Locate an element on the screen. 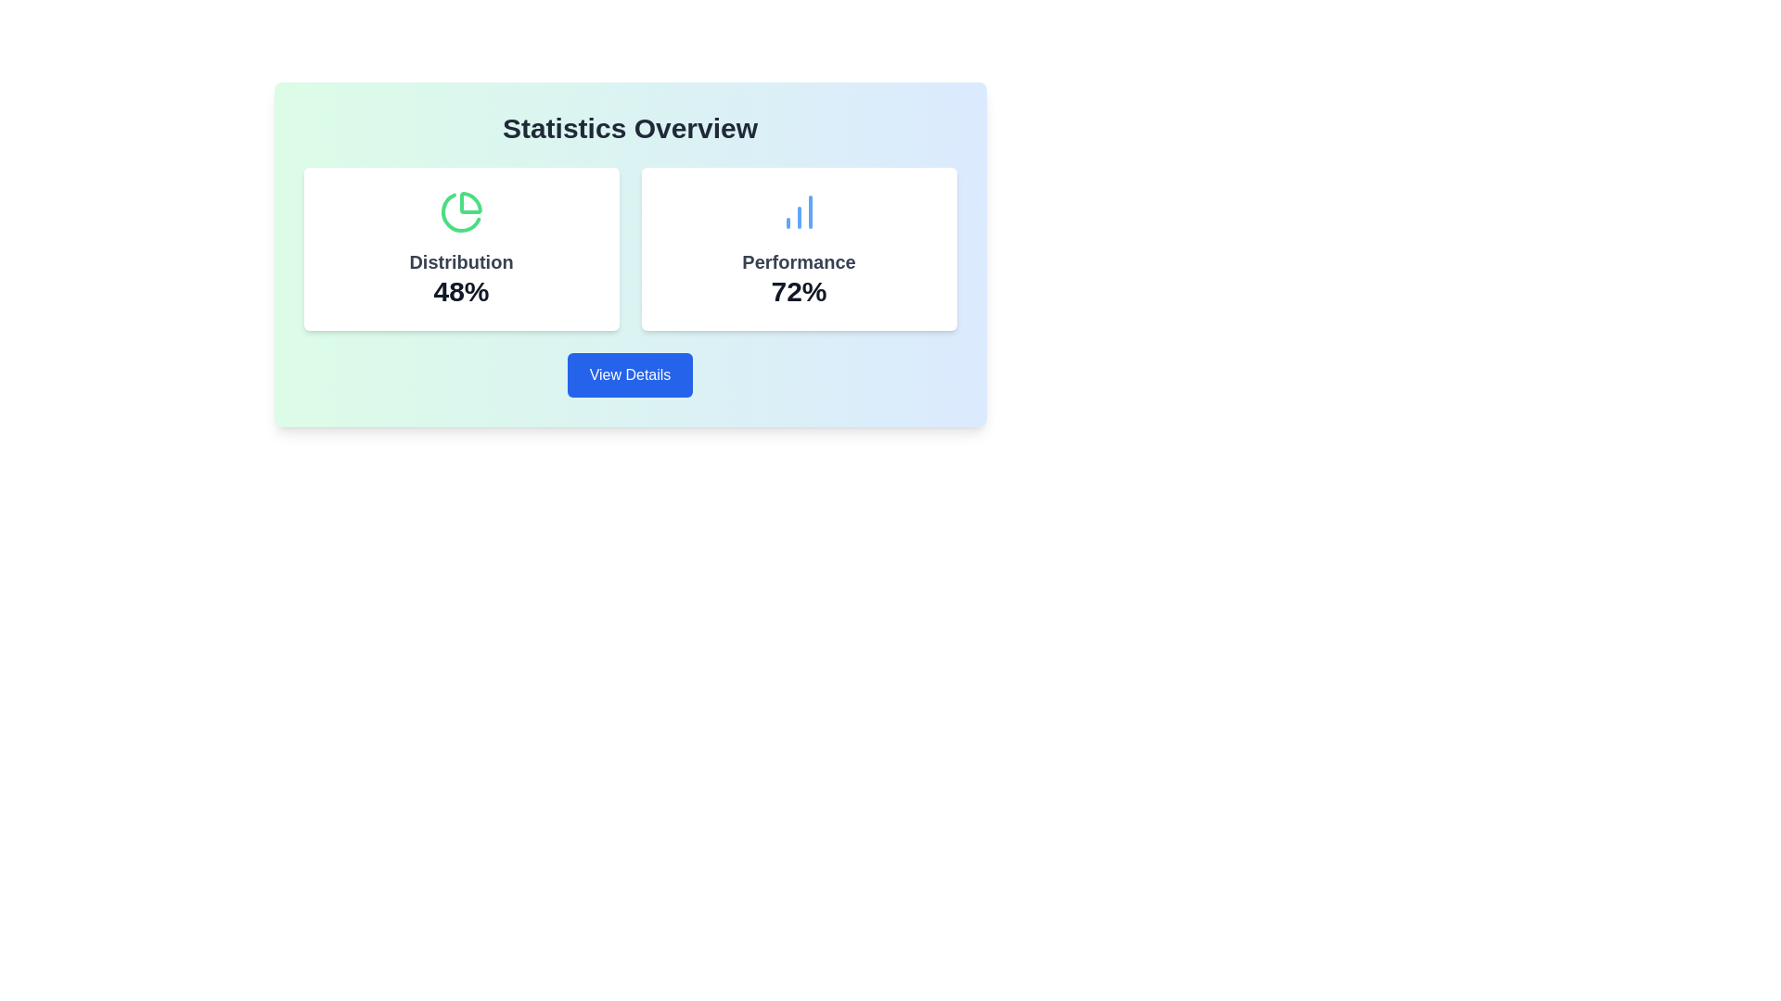  the percentage text element displaying '48%', which is styled in bold and large font, located under the 'Distribution' label, and adjacent to a green pie chart icon is located at coordinates (461, 292).